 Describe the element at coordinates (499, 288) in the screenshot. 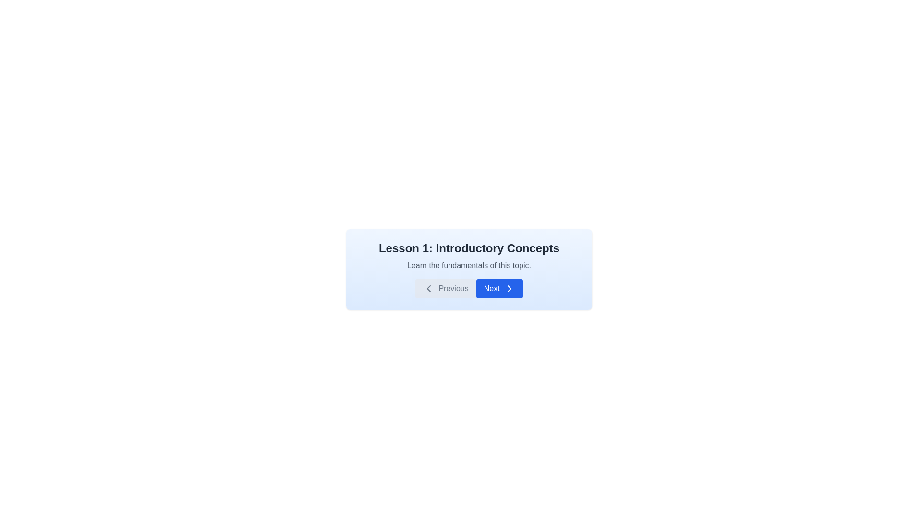

I see `the 'Next' button to navigate to the next lesson` at that location.